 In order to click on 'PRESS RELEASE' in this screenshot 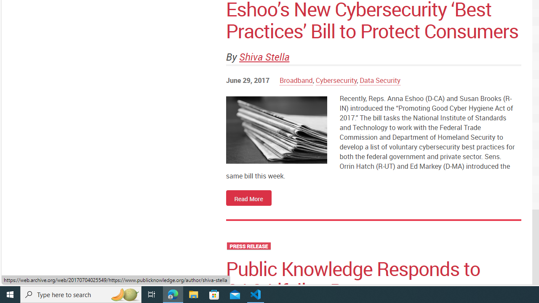, I will do `click(248, 246)`.